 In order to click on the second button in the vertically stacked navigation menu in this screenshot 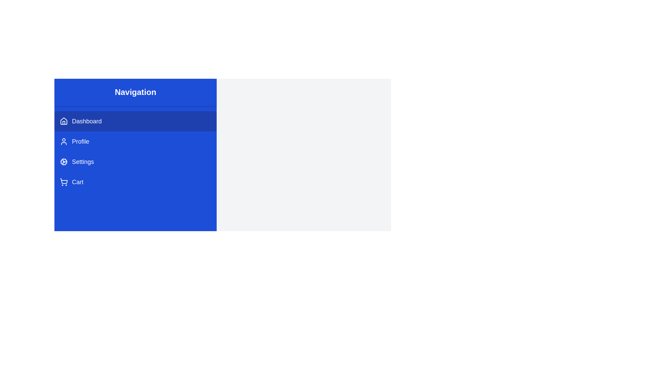, I will do `click(135, 141)`.